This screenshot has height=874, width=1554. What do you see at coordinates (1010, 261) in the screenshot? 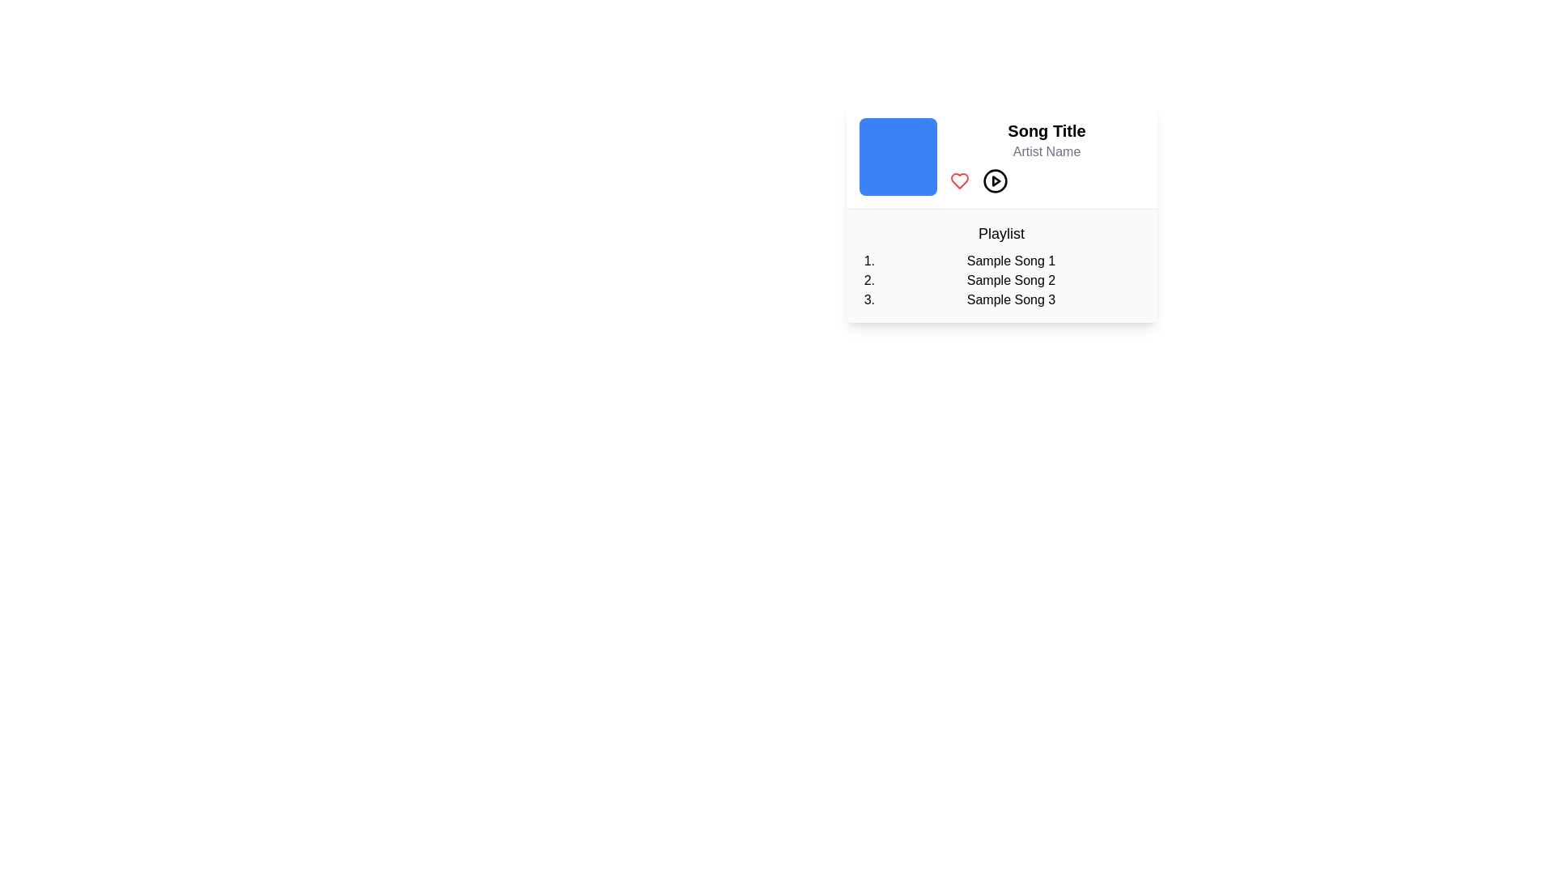
I see `the text label displaying 'Sample Song 1', which is the first item in the vertical playlist under the 'Playlist' header` at bounding box center [1010, 261].